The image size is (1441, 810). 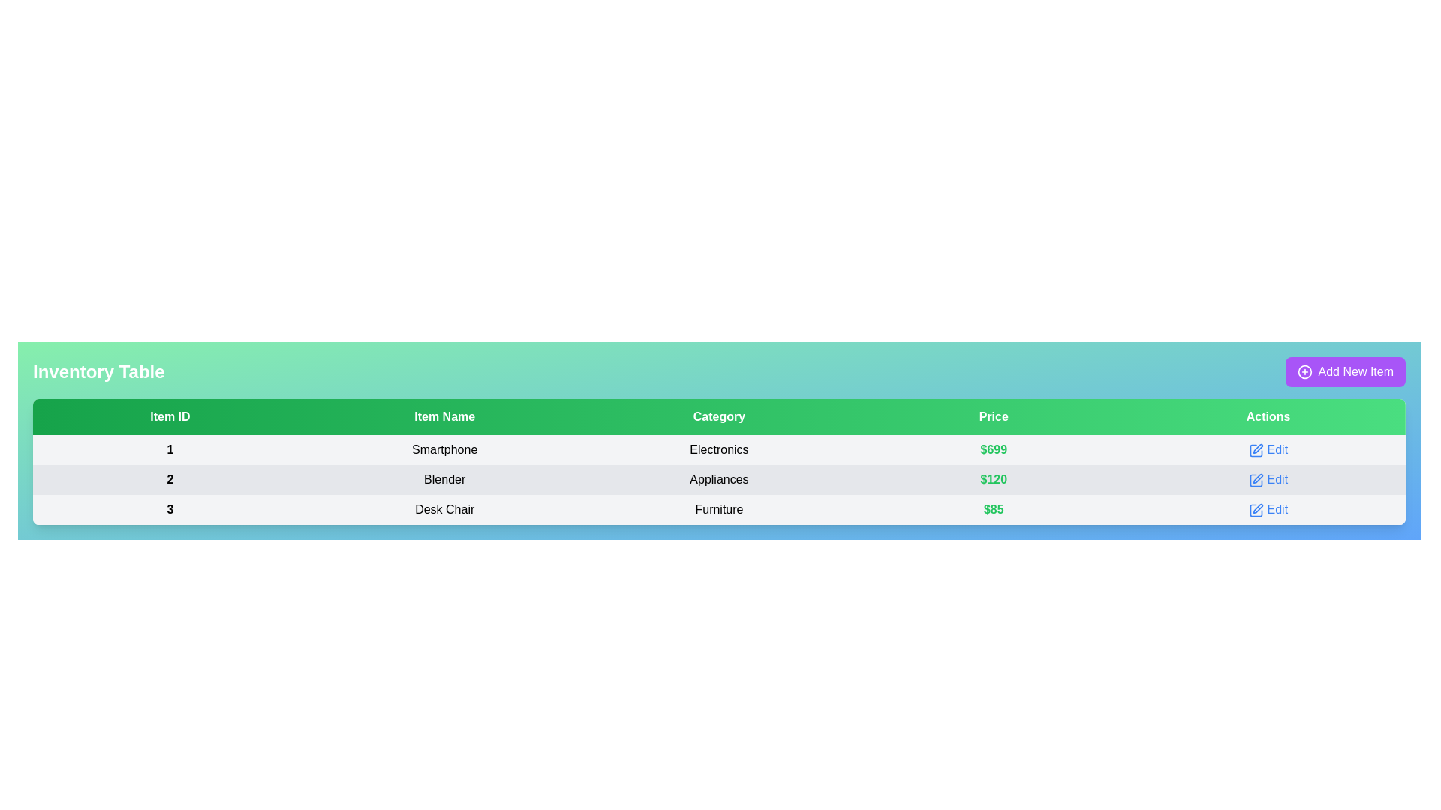 I want to click on content '3' displayed in bold sans-serif font under the 'Item ID' column for the 'Desk Chair' item, located in the first section of the last data row in the table, so click(x=170, y=508).